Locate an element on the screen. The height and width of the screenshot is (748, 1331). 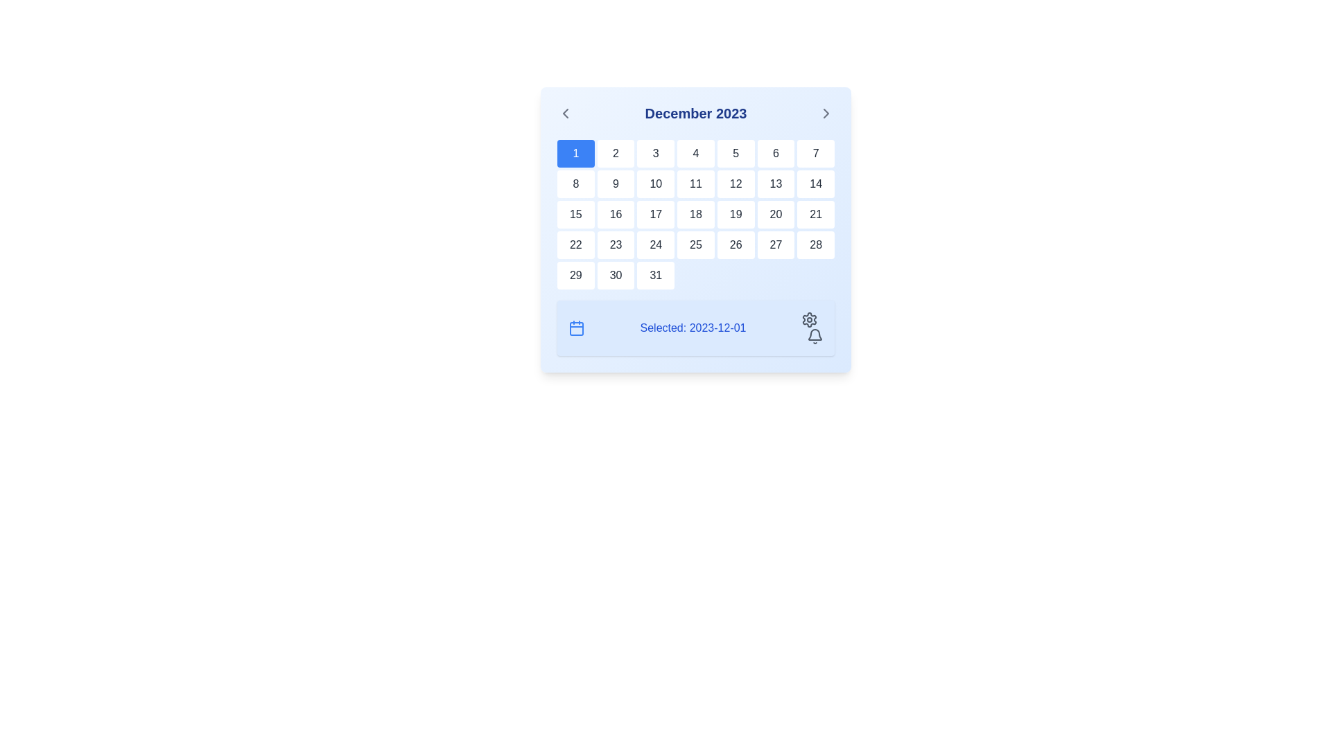
the clickable calendar date cell displaying '26' in the sixth column of the fourth row to observe the hover effect is located at coordinates (735, 244).